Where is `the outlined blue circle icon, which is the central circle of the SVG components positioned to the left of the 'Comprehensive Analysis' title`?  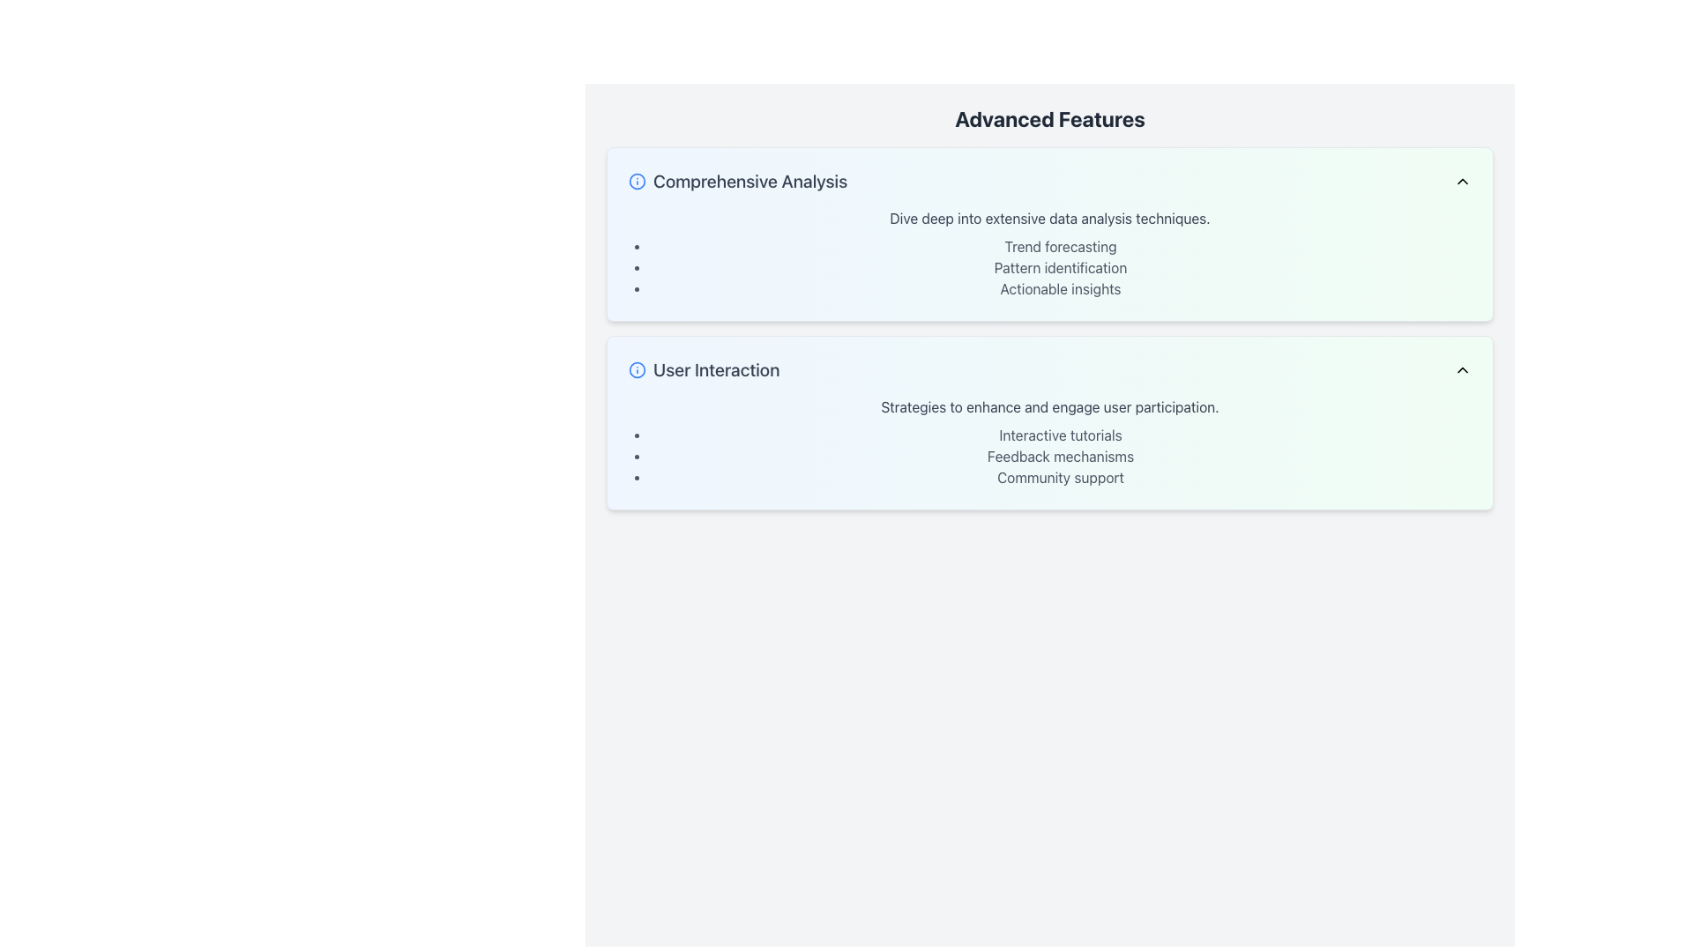
the outlined blue circle icon, which is the central circle of the SVG components positioned to the left of the 'Comprehensive Analysis' title is located at coordinates (637, 181).